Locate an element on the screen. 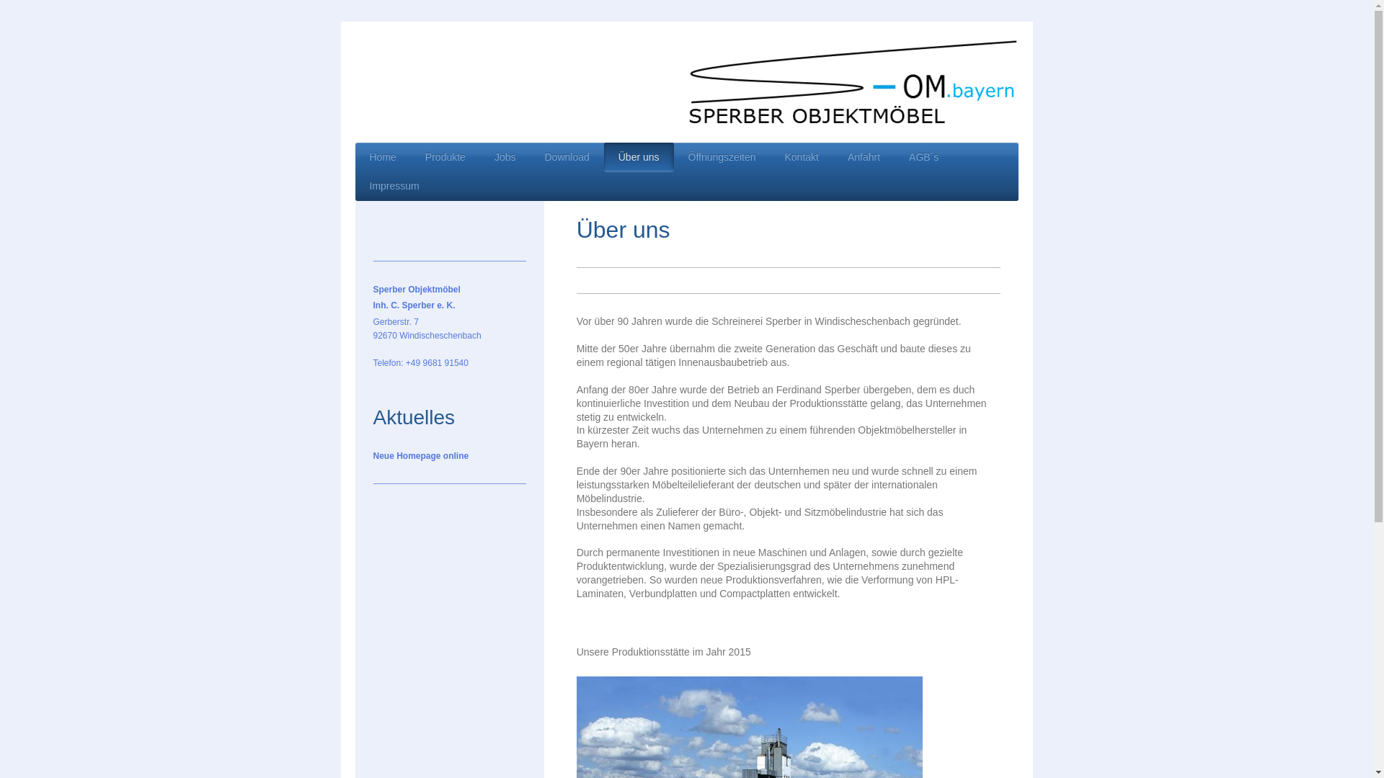 The width and height of the screenshot is (1384, 778). 'Kontakt' is located at coordinates (800, 157).